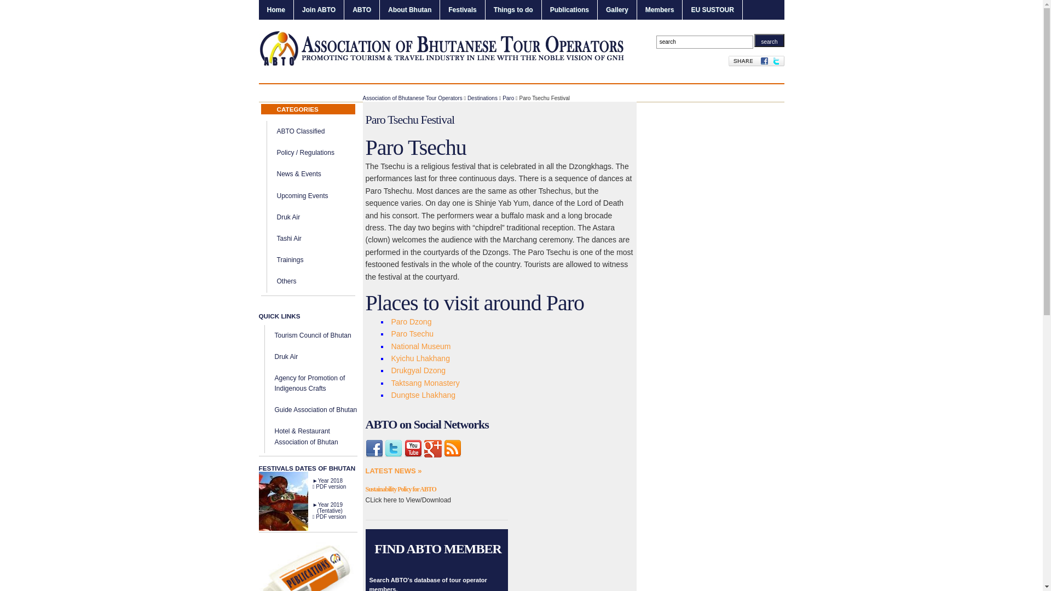 This screenshot has height=591, width=1051. Describe the element at coordinates (769, 39) in the screenshot. I see `'search'` at that location.